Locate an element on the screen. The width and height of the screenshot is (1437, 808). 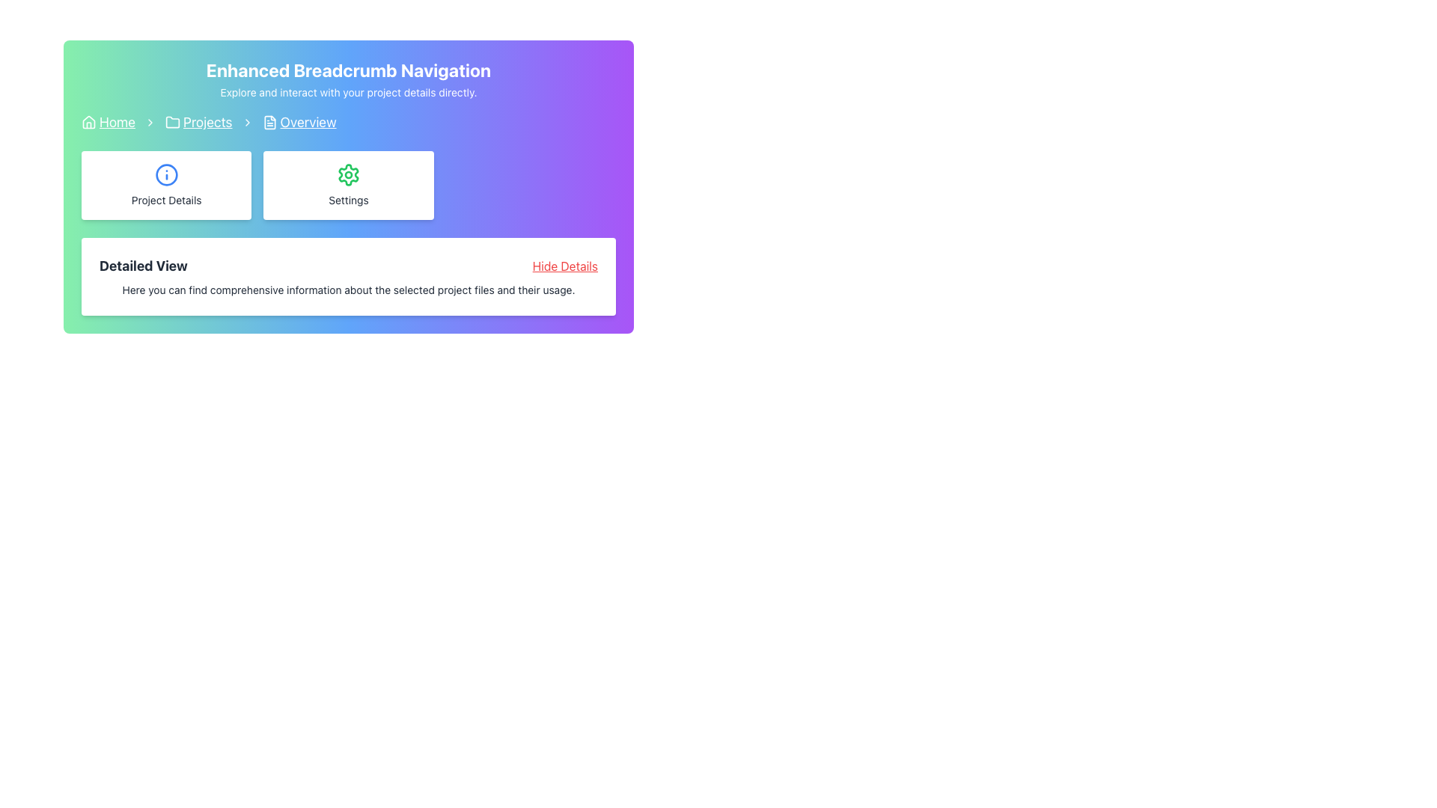
the 'Overview' hyperlink, which is a blue, underlined text positioned in the breadcrumb navigation bar after the 'Projects' link and document icon is located at coordinates (308, 122).